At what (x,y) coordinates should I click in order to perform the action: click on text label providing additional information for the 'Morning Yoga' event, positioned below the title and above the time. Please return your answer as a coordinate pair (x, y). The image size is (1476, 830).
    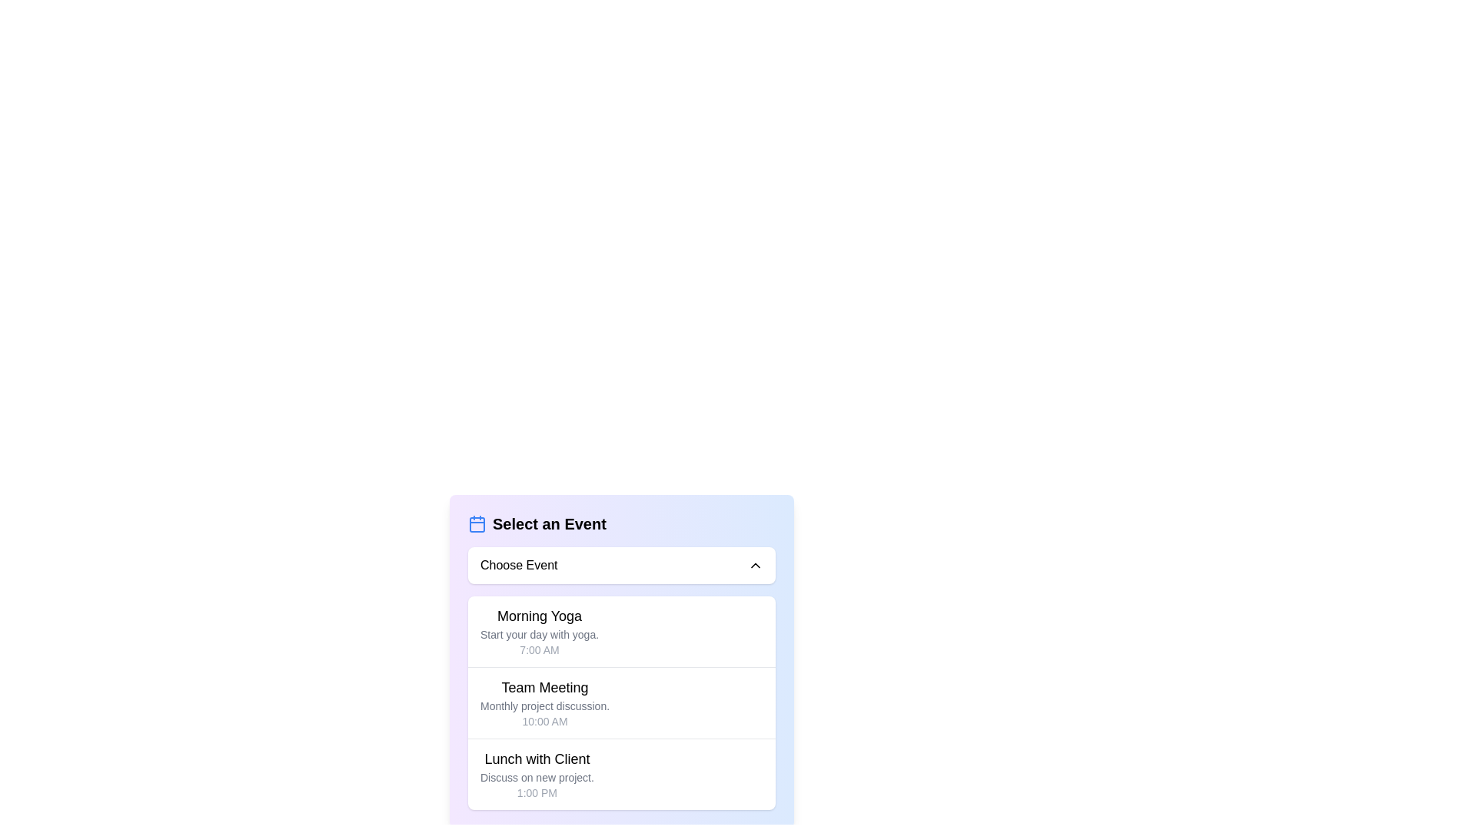
    Looking at the image, I should click on (539, 634).